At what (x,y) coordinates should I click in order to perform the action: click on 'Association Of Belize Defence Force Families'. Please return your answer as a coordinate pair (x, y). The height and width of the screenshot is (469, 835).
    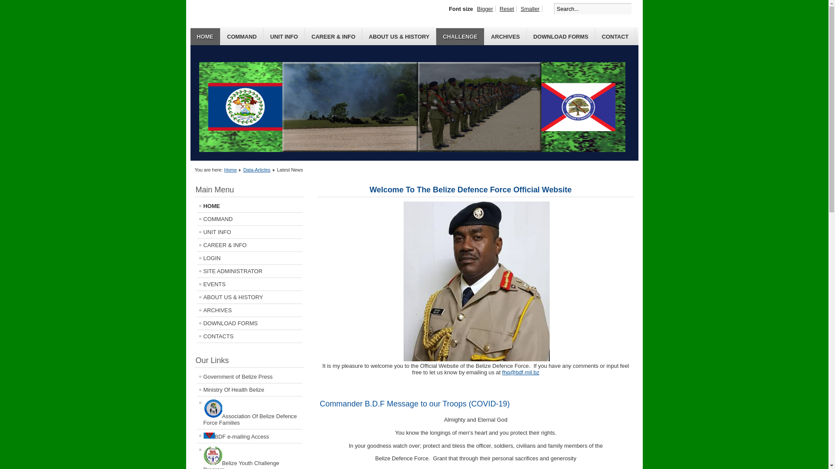
    Looking at the image, I should click on (249, 412).